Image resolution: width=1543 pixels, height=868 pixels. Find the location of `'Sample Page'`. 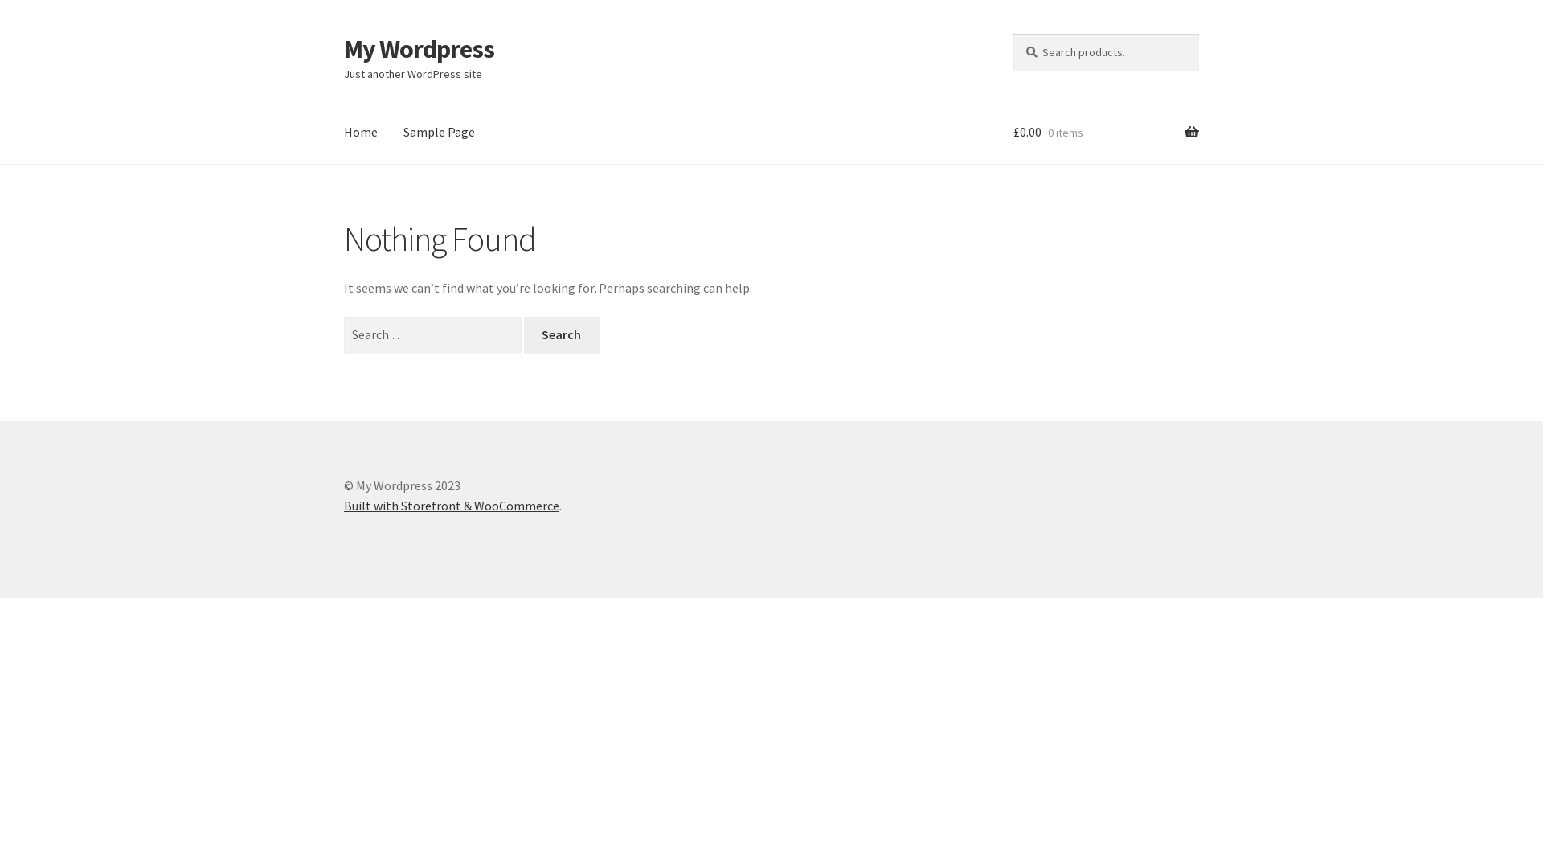

'Sample Page' is located at coordinates (439, 132).